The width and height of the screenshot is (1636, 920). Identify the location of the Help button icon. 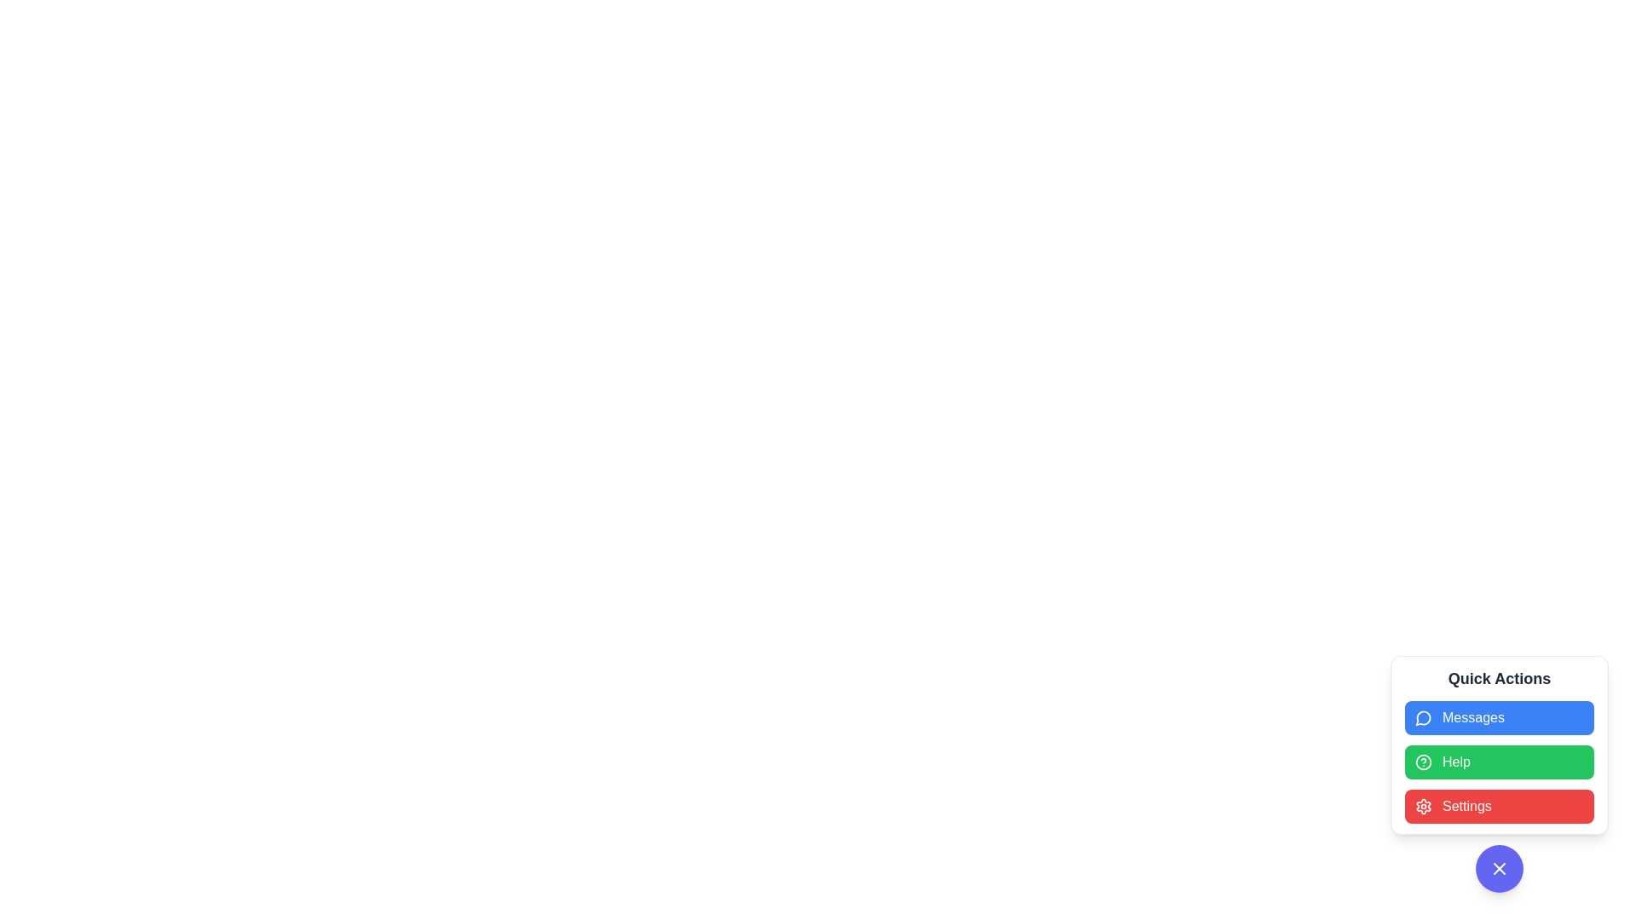
(1423, 761).